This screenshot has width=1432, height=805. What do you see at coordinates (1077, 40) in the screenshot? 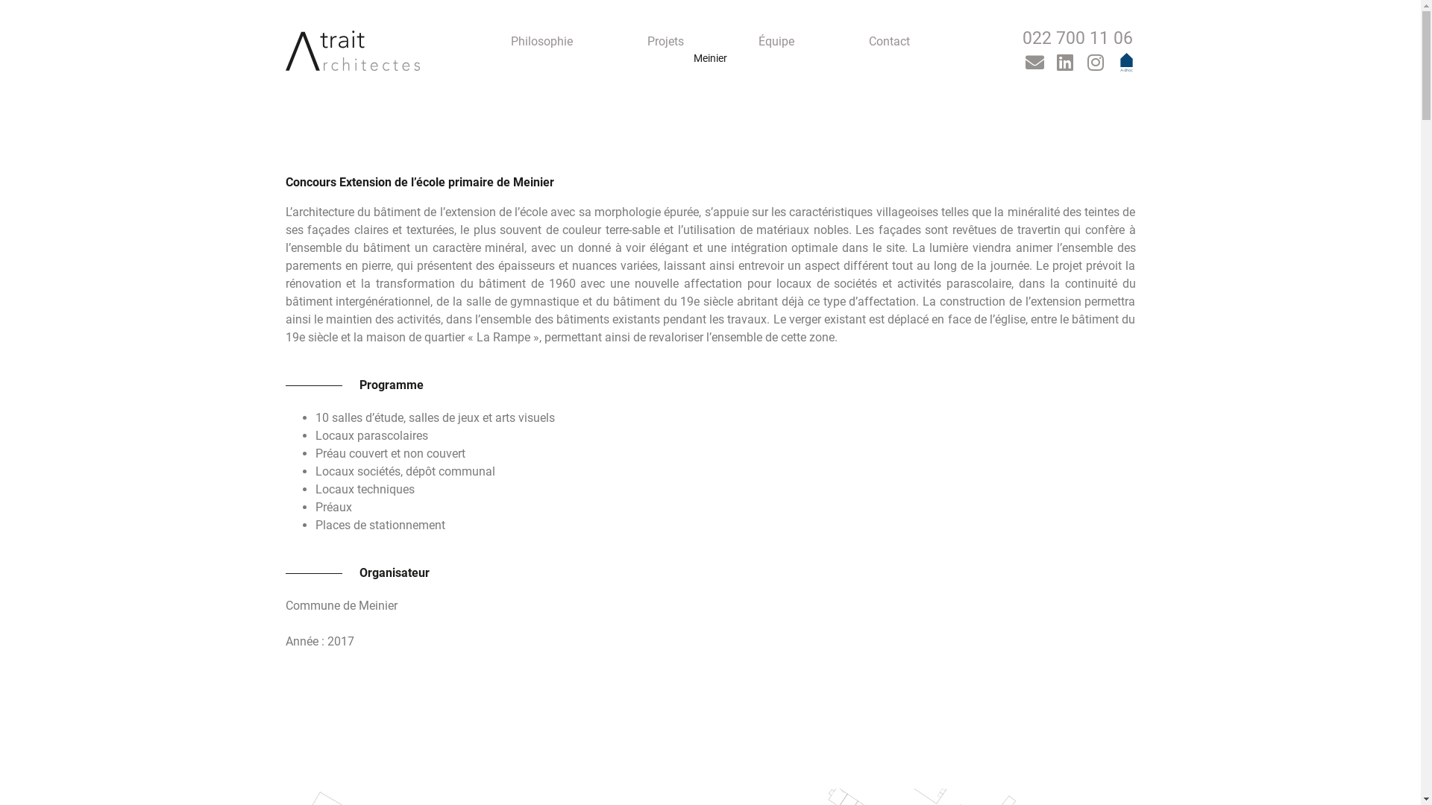
I see `'022 700 11 06'` at bounding box center [1077, 40].